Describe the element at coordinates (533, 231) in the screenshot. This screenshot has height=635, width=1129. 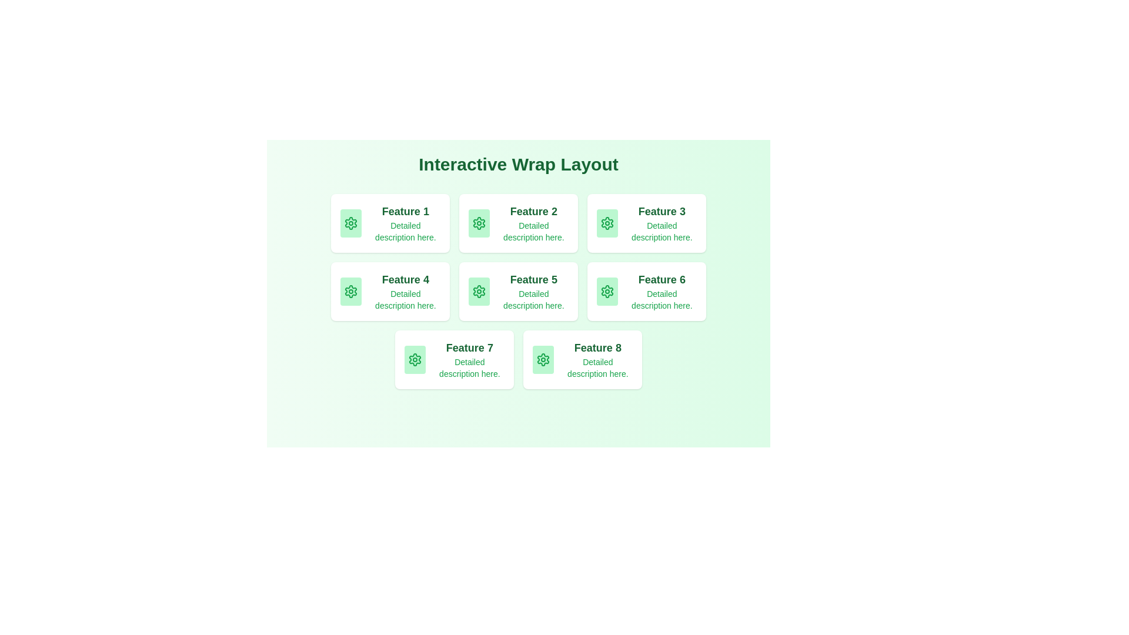
I see `text from the Text Label displaying 'Detailed description here.' which is styled in green and located below the title 'Feature 2.'` at that location.